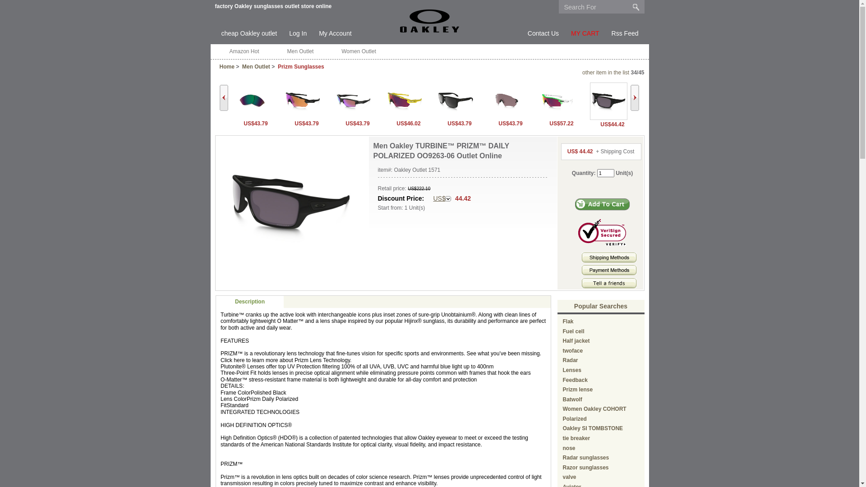 This screenshot has height=487, width=866. Describe the element at coordinates (606, 72) in the screenshot. I see `'other item in the list'` at that location.